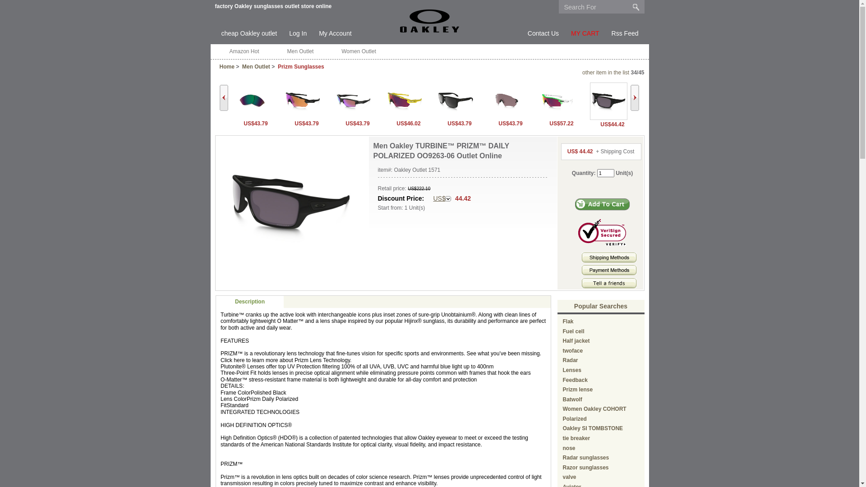 This screenshot has height=487, width=866. Describe the element at coordinates (606, 72) in the screenshot. I see `'other item in the list'` at that location.